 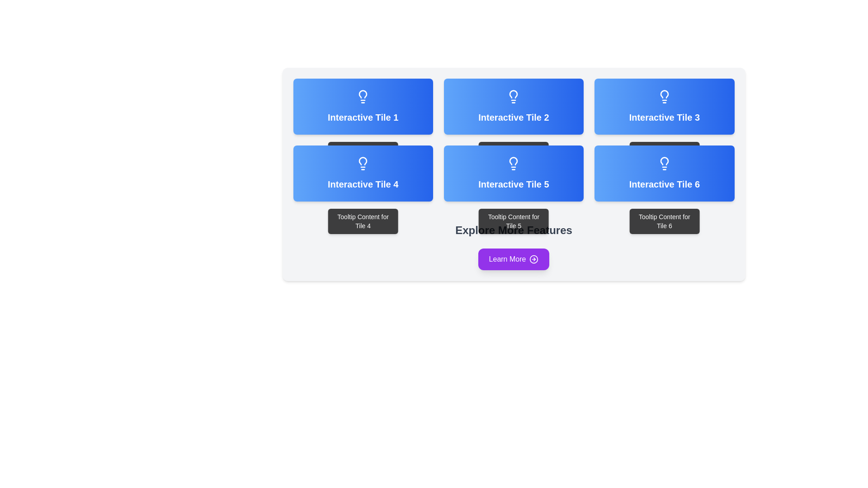 I want to click on the lightbulb-shaped icon located in the top-middle section of 'Interactive Tile 6', which has a white design on a gradient blue background, so click(x=664, y=164).